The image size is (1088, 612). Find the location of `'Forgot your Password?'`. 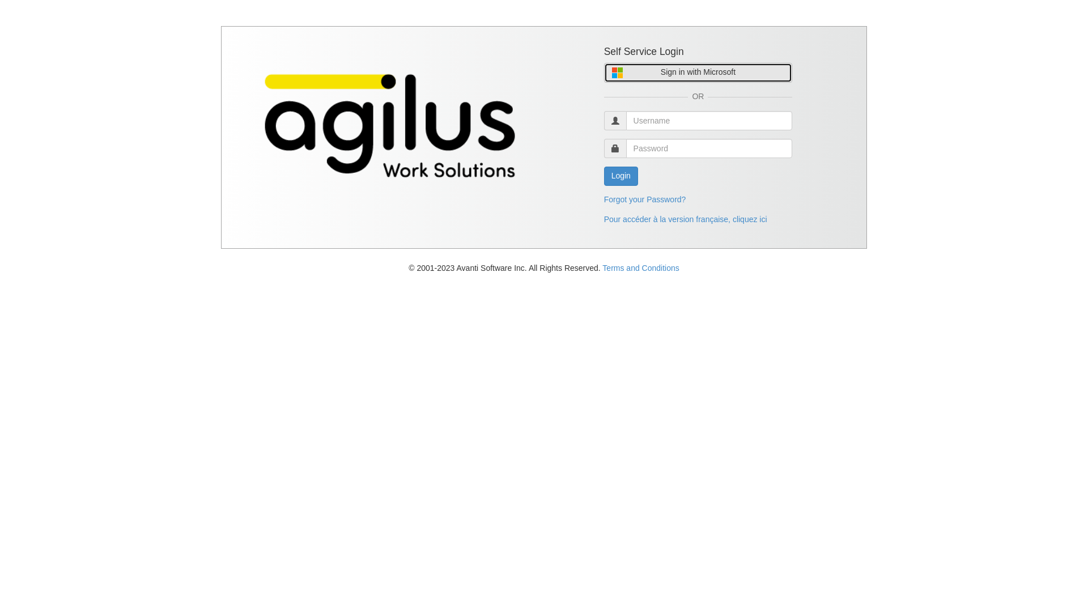

'Forgot your Password?' is located at coordinates (645, 198).